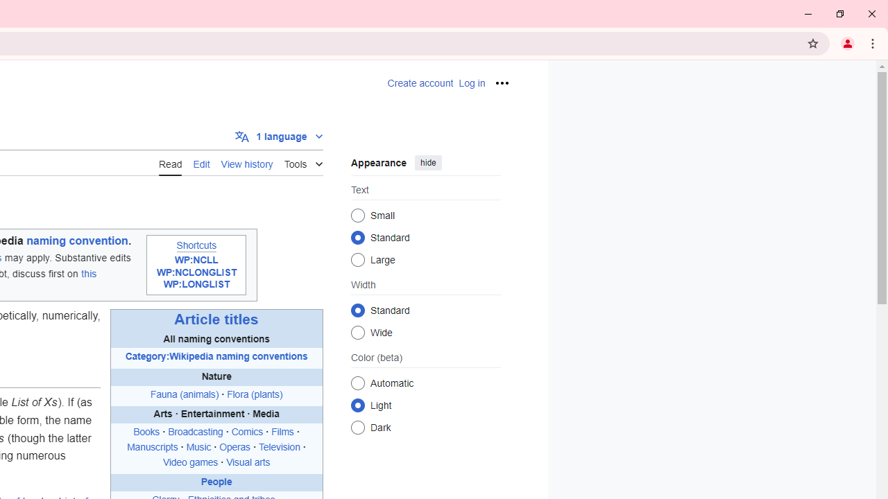 The width and height of the screenshot is (888, 499). Describe the element at coordinates (248, 462) in the screenshot. I see `'Visual arts'` at that location.